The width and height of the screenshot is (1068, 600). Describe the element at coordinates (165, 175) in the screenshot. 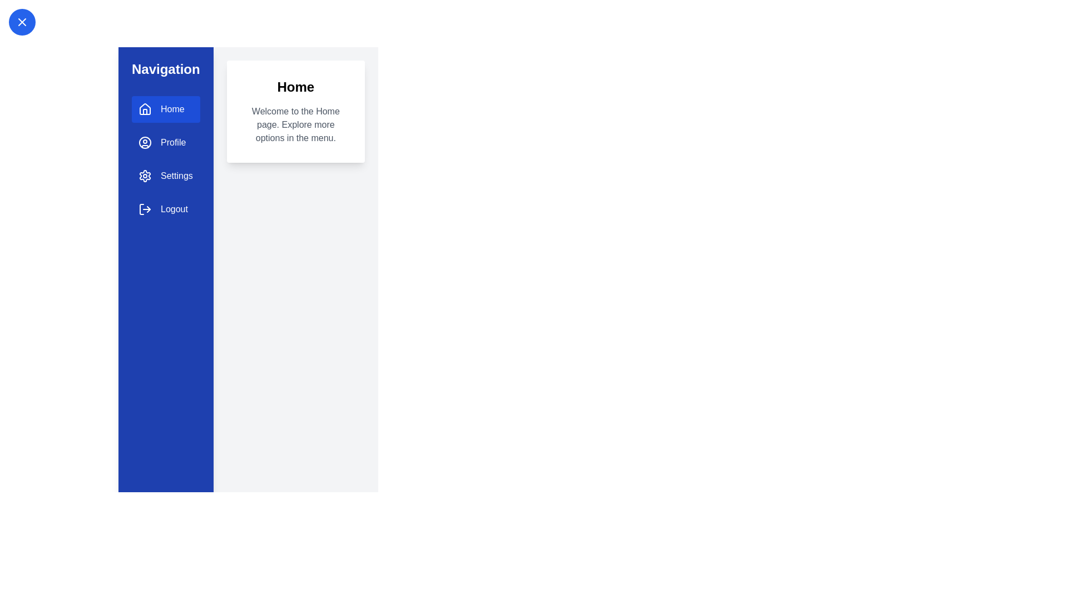

I see `the navigation option Settings to trigger its visual effect` at that location.